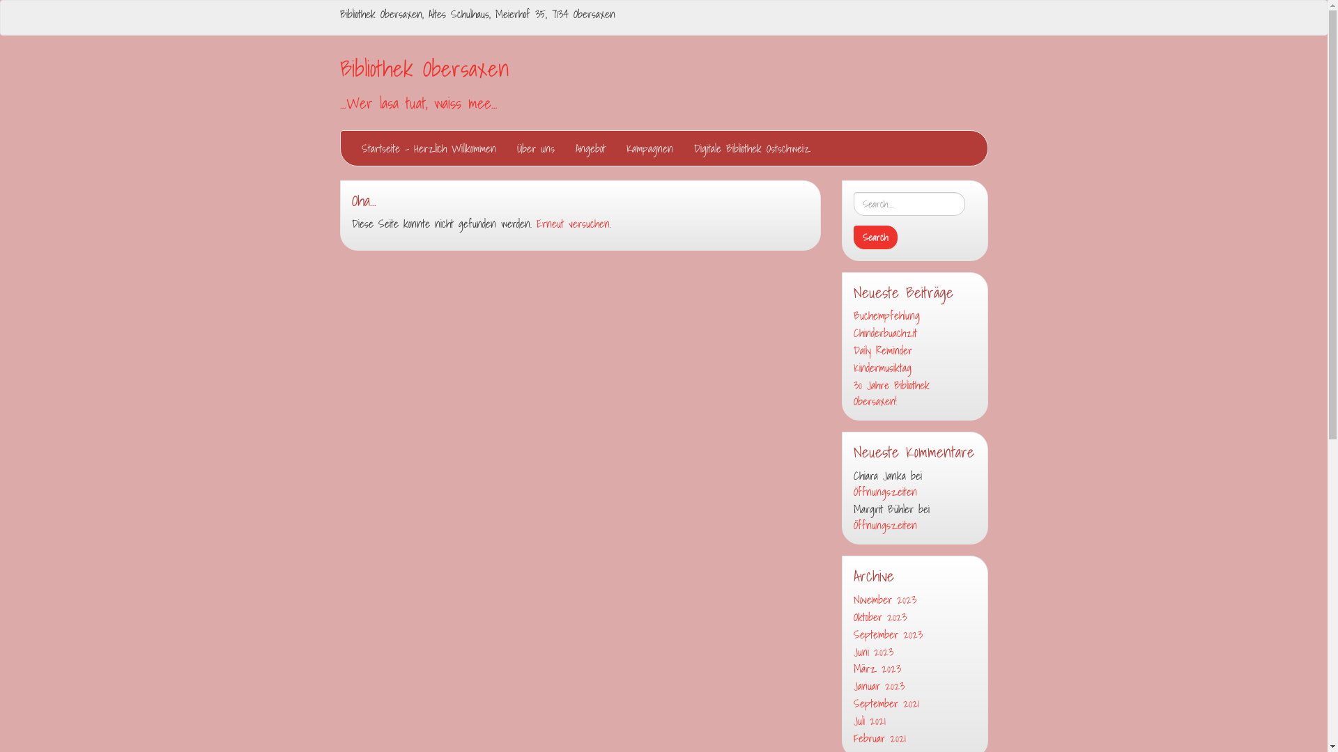 The width and height of the screenshot is (1338, 752). Describe the element at coordinates (914, 350) in the screenshot. I see `'Daily Reminder'` at that location.